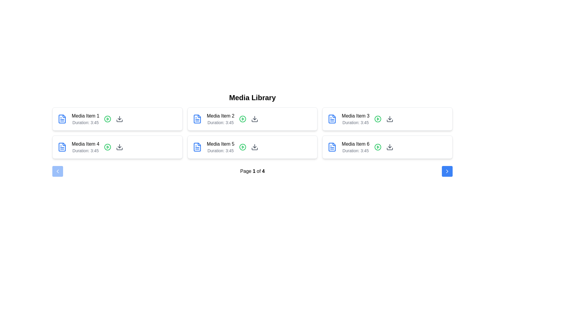 The height and width of the screenshot is (323, 574). What do you see at coordinates (62, 119) in the screenshot?
I see `the icon that represents the associated media item as a file or document, which is located in the second row, first column of the 'Media Item 4' card` at bounding box center [62, 119].